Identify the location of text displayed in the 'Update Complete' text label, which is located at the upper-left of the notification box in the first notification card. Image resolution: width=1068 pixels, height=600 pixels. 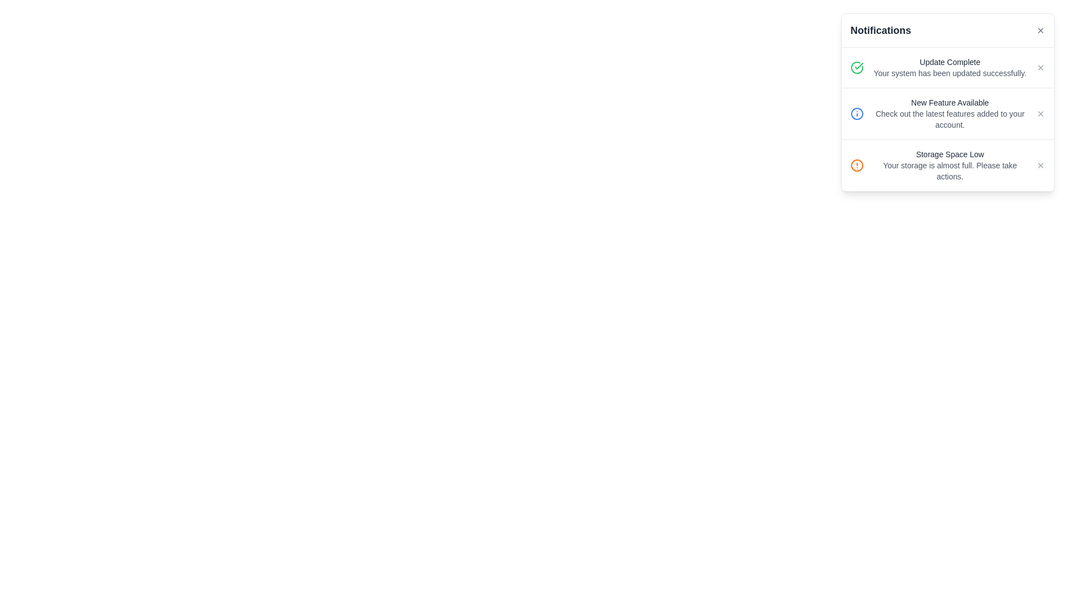
(950, 62).